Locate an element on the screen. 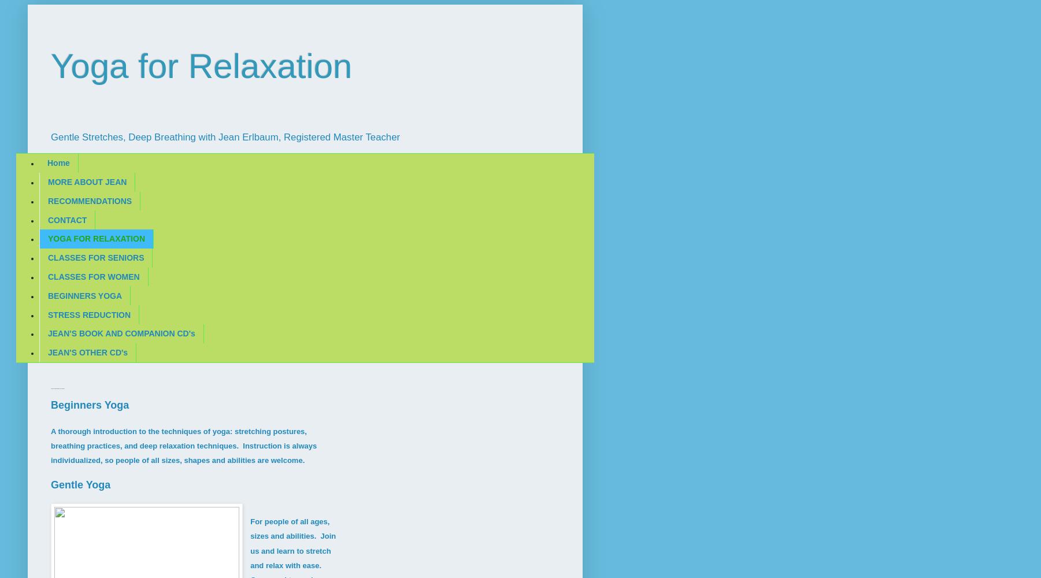  'RECOMMENDATIONS' is located at coordinates (90, 200).